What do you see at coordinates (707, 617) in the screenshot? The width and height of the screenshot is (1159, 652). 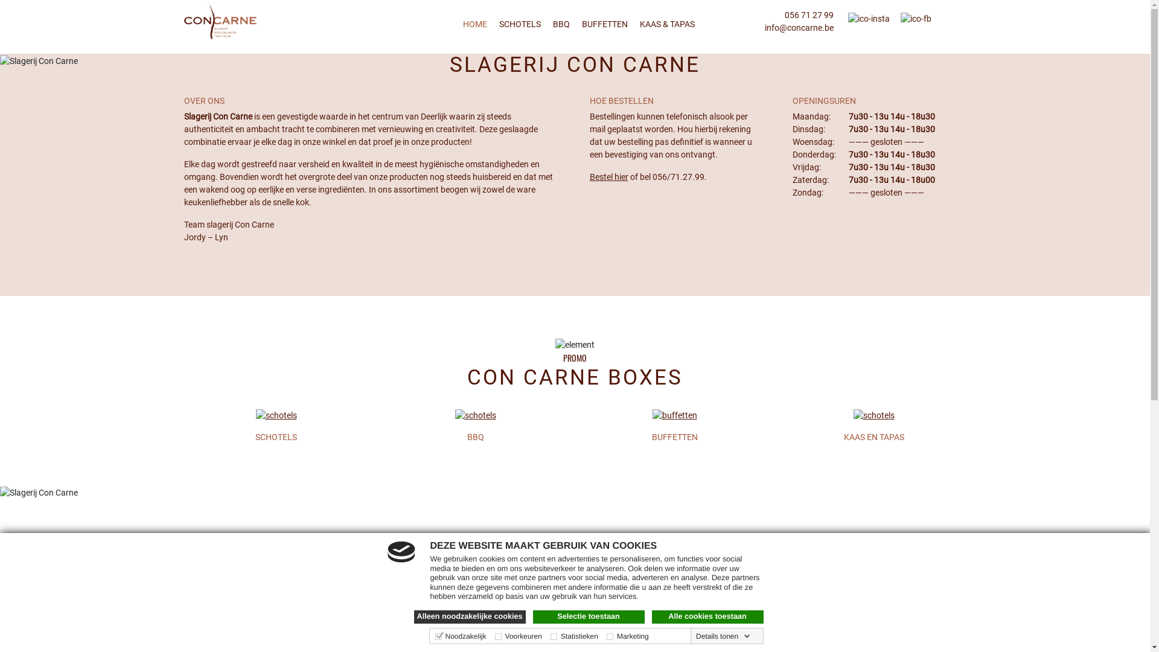 I see `'Alle cookies toestaan'` at bounding box center [707, 617].